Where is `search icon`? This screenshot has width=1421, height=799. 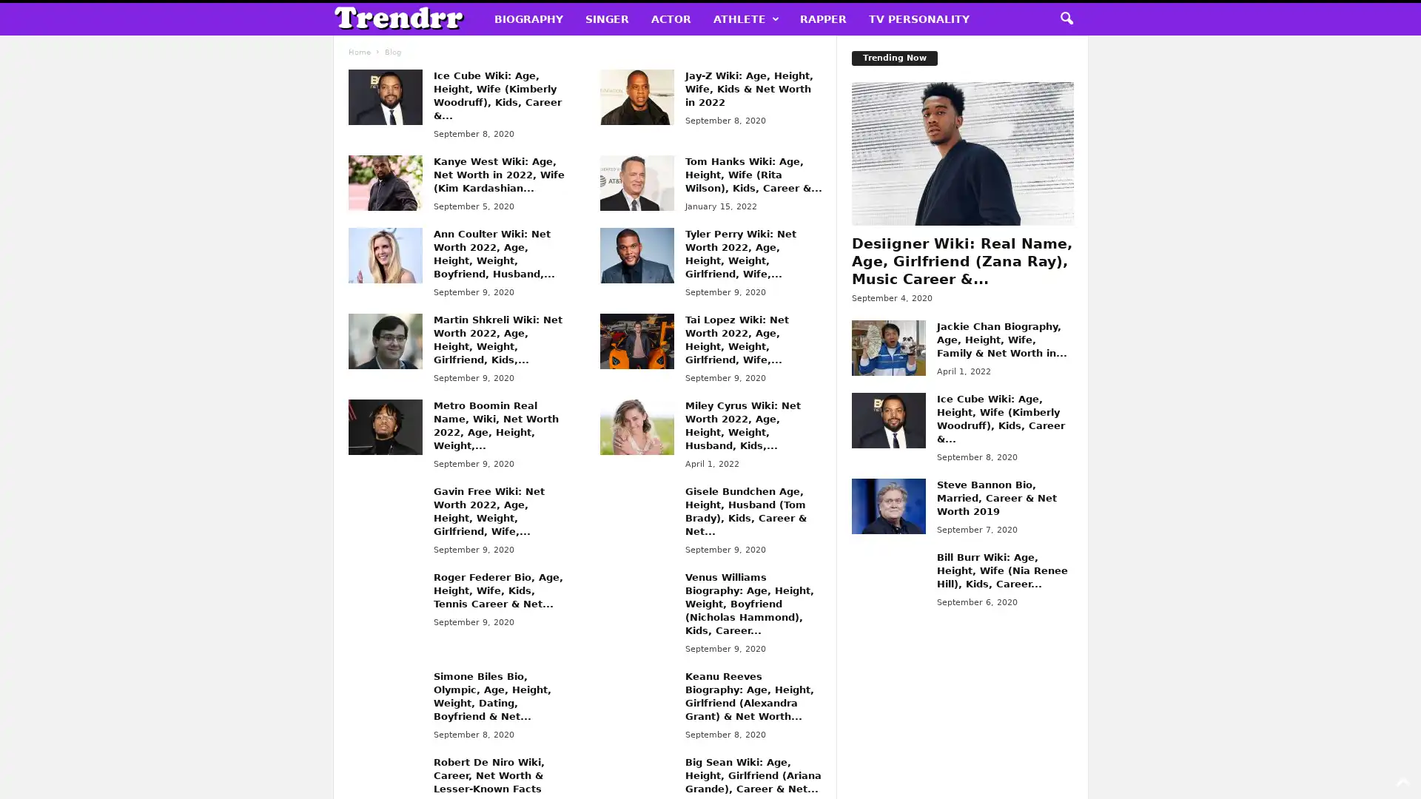 search icon is located at coordinates (1066, 19).